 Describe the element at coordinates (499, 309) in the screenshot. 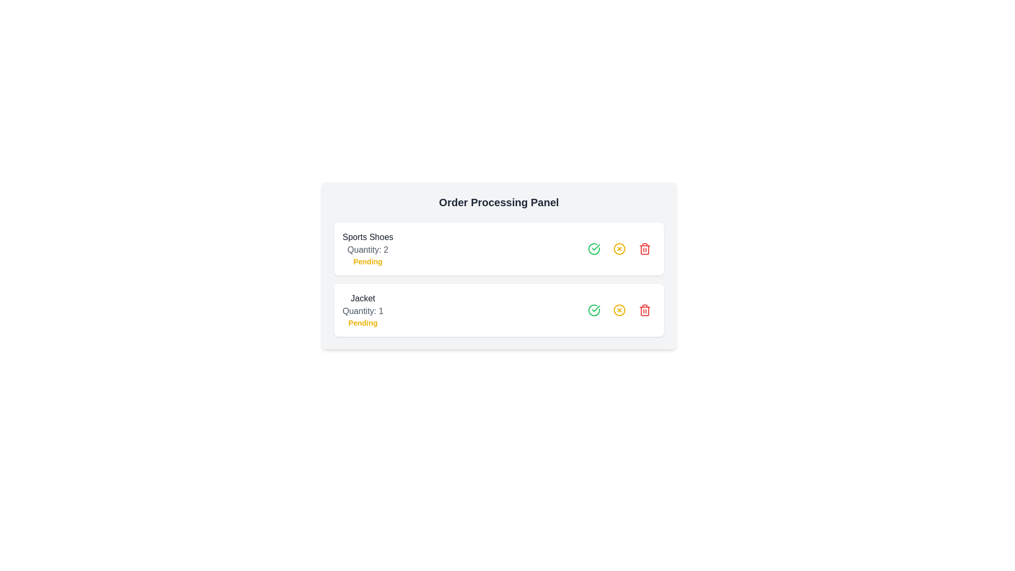

I see `the 'Jacket' card` at that location.